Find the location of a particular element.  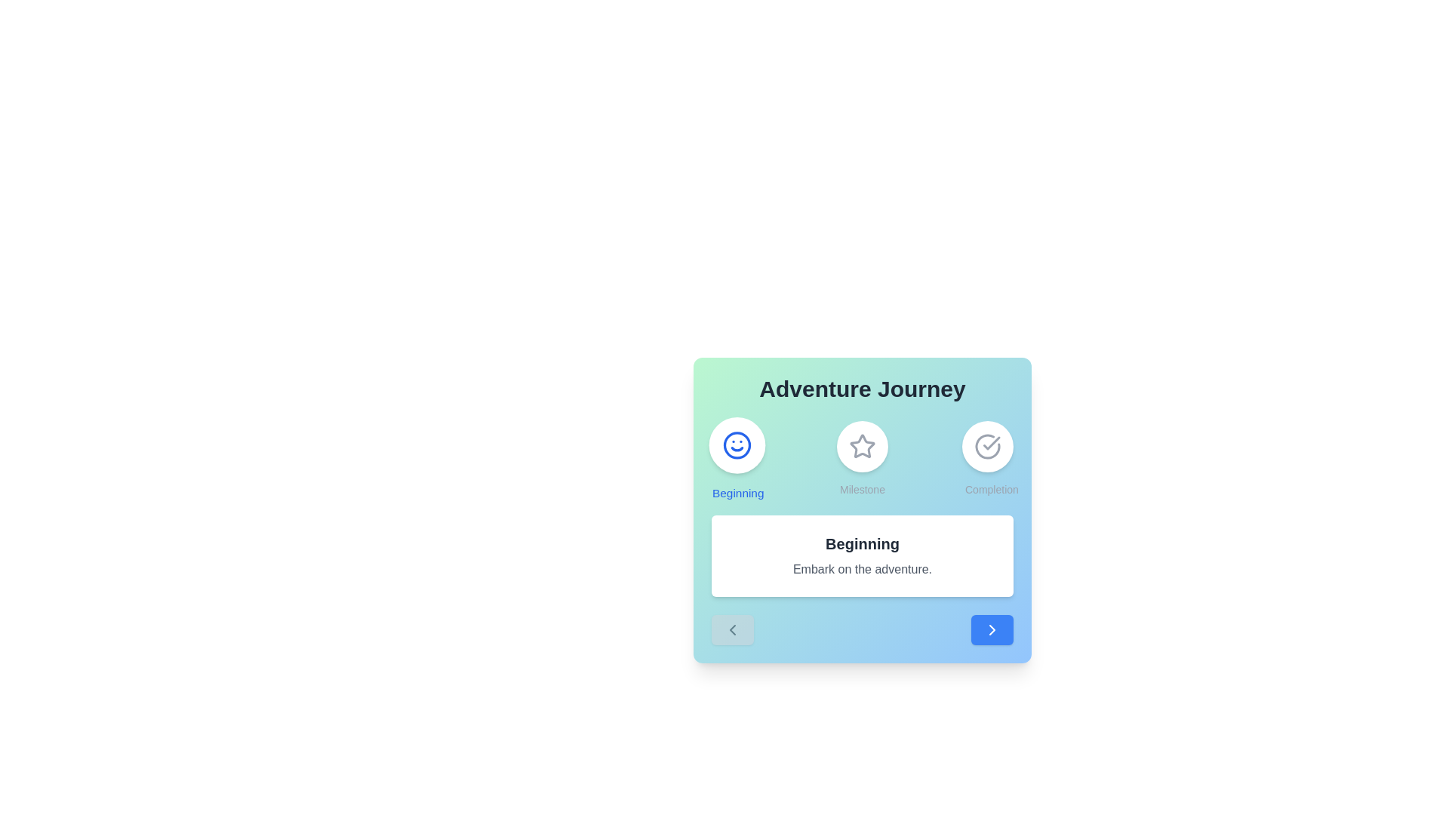

the stage icon corresponding to Beginning is located at coordinates (737, 458).